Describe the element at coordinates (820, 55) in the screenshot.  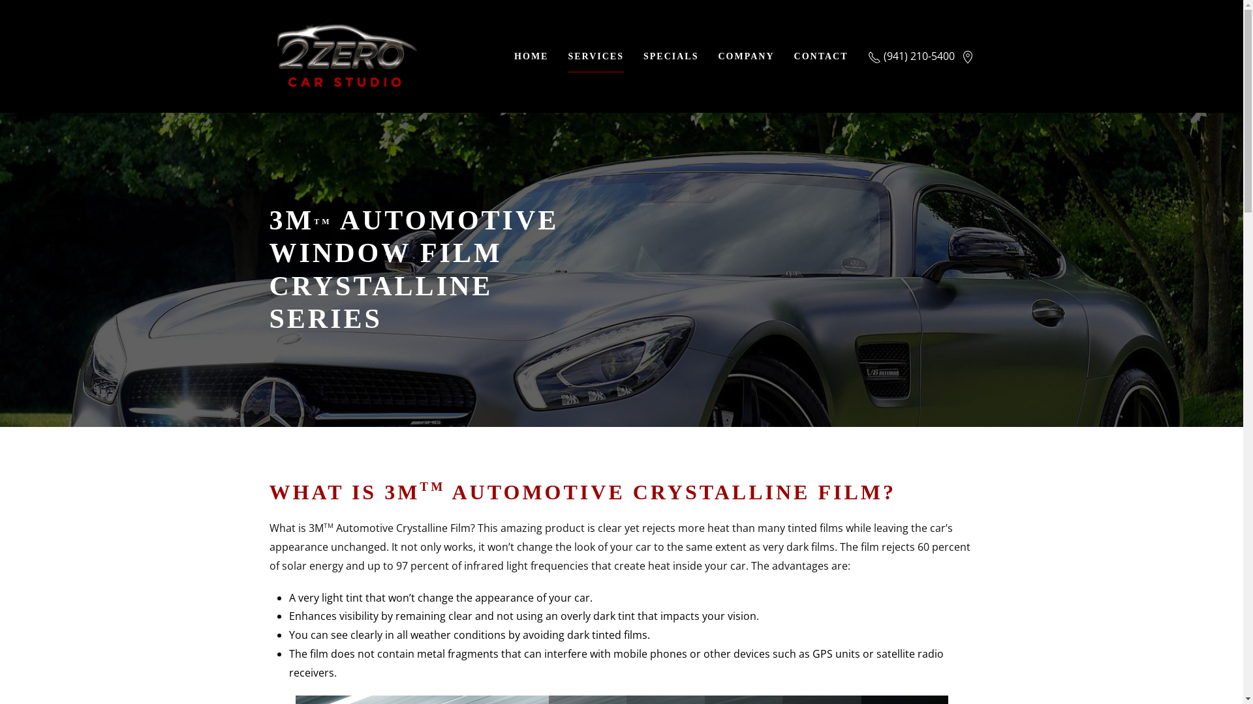
I see `'CONTACT'` at that location.